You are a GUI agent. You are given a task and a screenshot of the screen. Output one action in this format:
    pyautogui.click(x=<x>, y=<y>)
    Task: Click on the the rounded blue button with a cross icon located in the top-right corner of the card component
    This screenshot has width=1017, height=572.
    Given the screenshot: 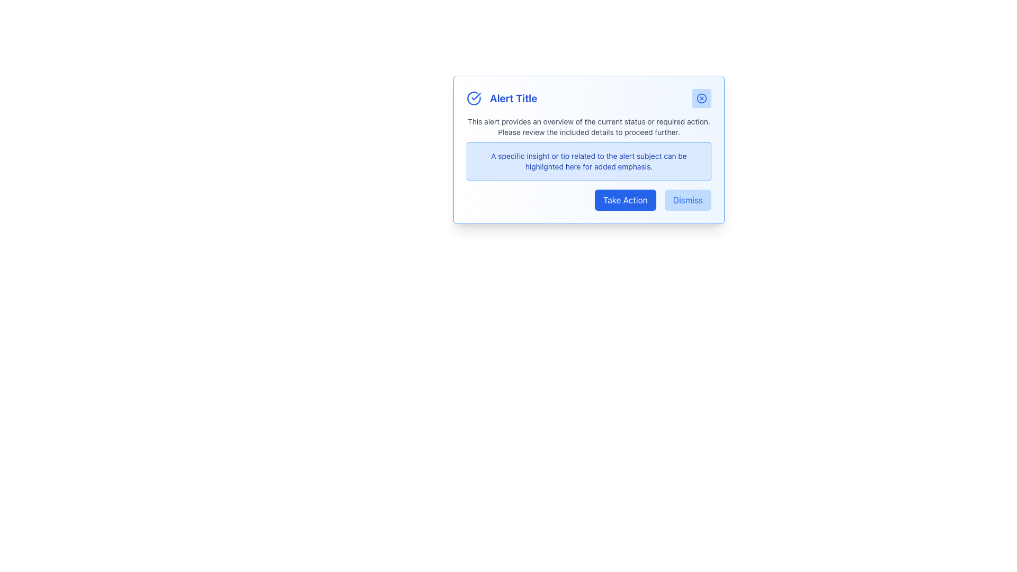 What is the action you would take?
    pyautogui.click(x=701, y=98)
    